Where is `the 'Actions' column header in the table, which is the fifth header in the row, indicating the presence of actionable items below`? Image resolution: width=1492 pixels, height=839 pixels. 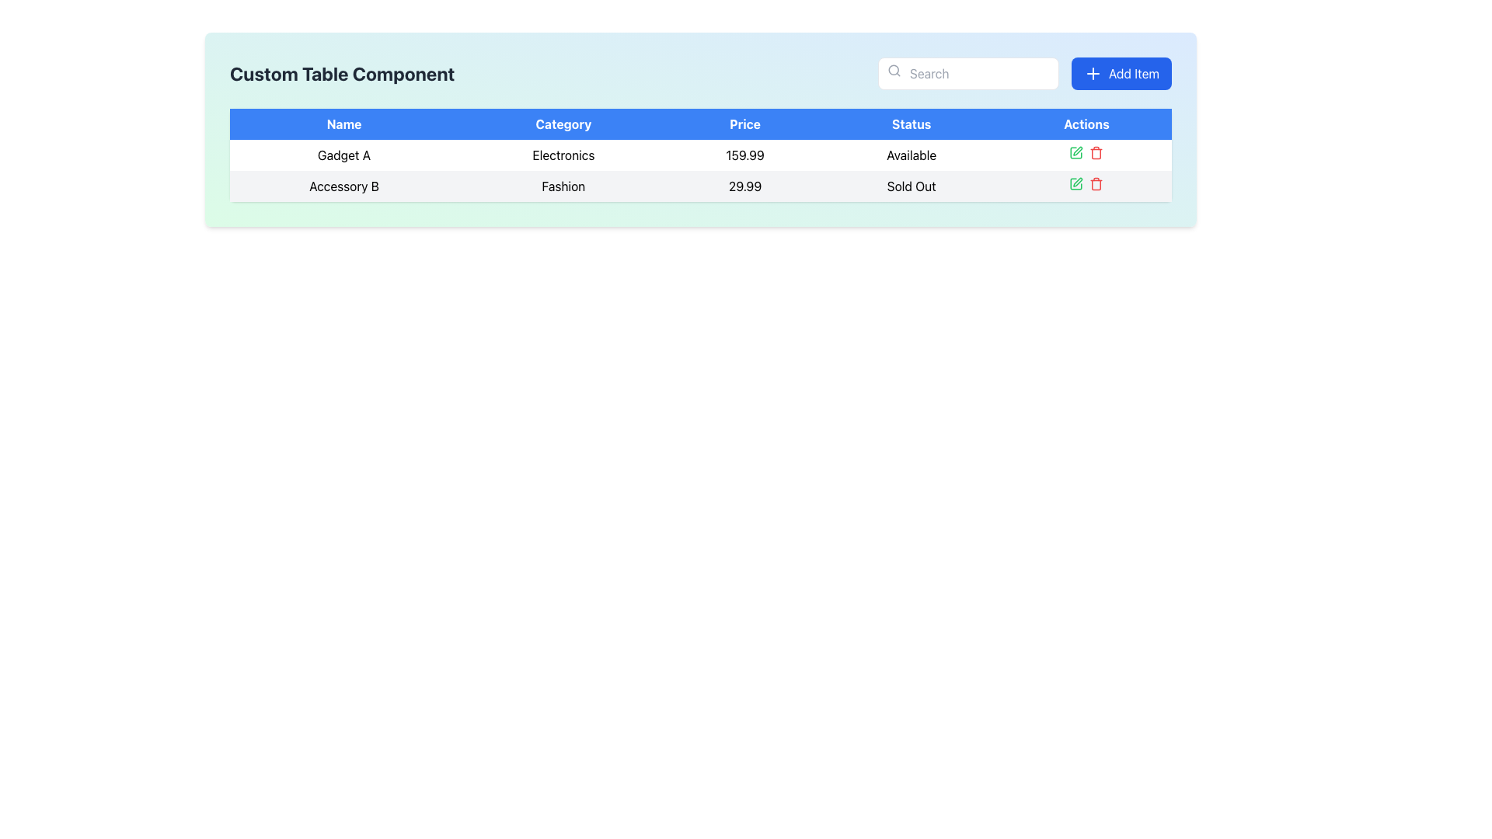 the 'Actions' column header in the table, which is the fifth header in the row, indicating the presence of actionable items below is located at coordinates (1086, 123).